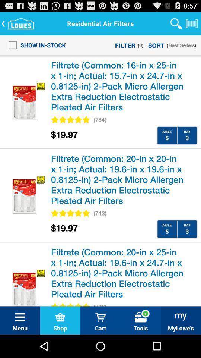 The height and width of the screenshot is (358, 201). Describe the element at coordinates (35, 45) in the screenshot. I see `item to the left of filter` at that location.